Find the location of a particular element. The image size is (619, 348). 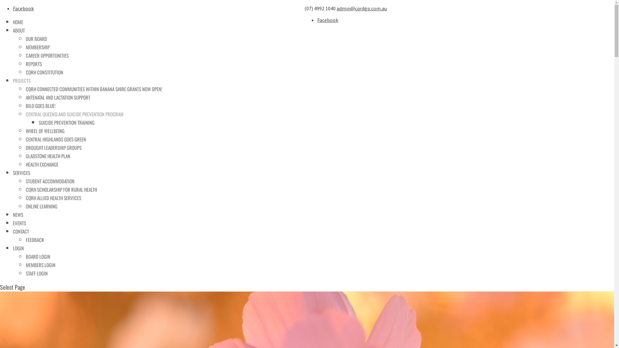

'OUR BOARD' is located at coordinates (36, 38).